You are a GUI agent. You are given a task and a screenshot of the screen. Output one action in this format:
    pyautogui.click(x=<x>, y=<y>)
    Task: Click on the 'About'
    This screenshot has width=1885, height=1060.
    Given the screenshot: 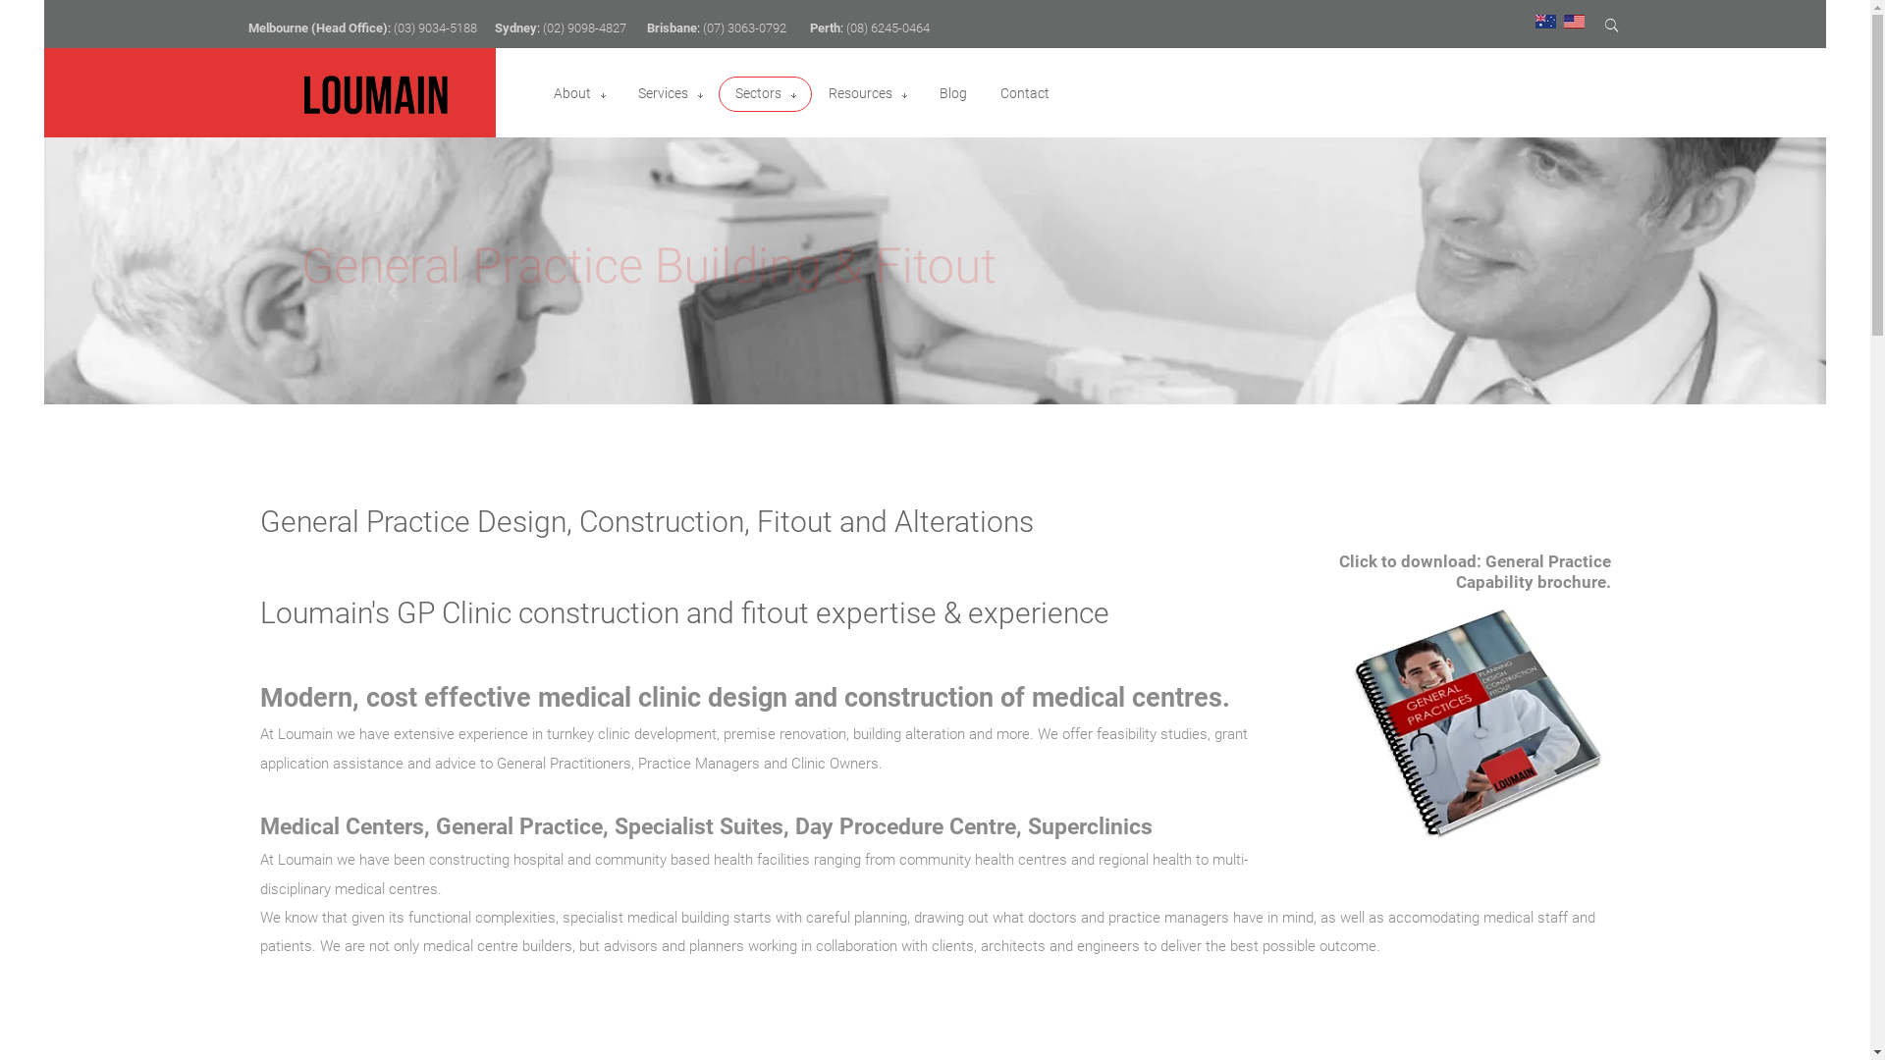 What is the action you would take?
    pyautogui.click(x=578, y=93)
    